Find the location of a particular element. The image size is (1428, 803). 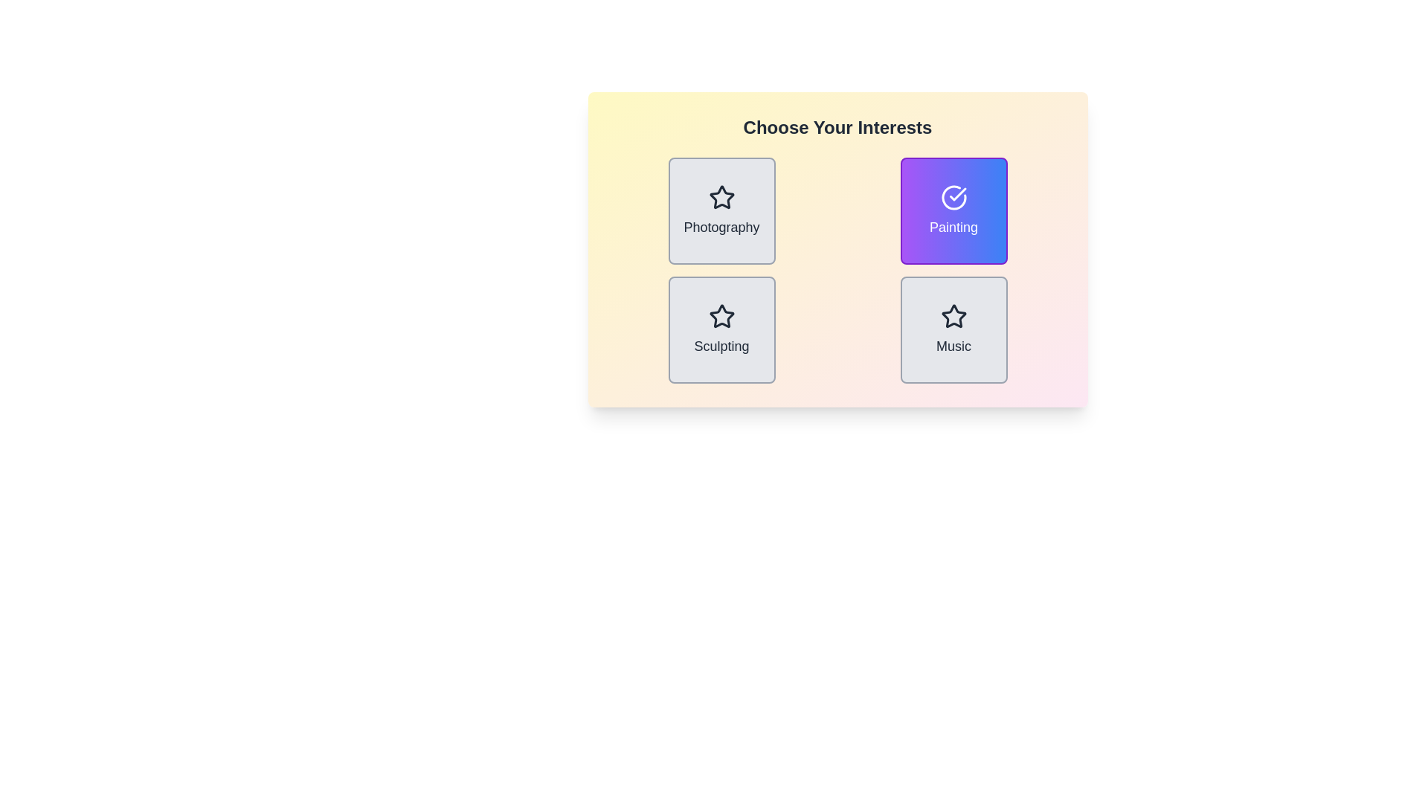

the item labeled Photography by clicking its button is located at coordinates (721, 211).